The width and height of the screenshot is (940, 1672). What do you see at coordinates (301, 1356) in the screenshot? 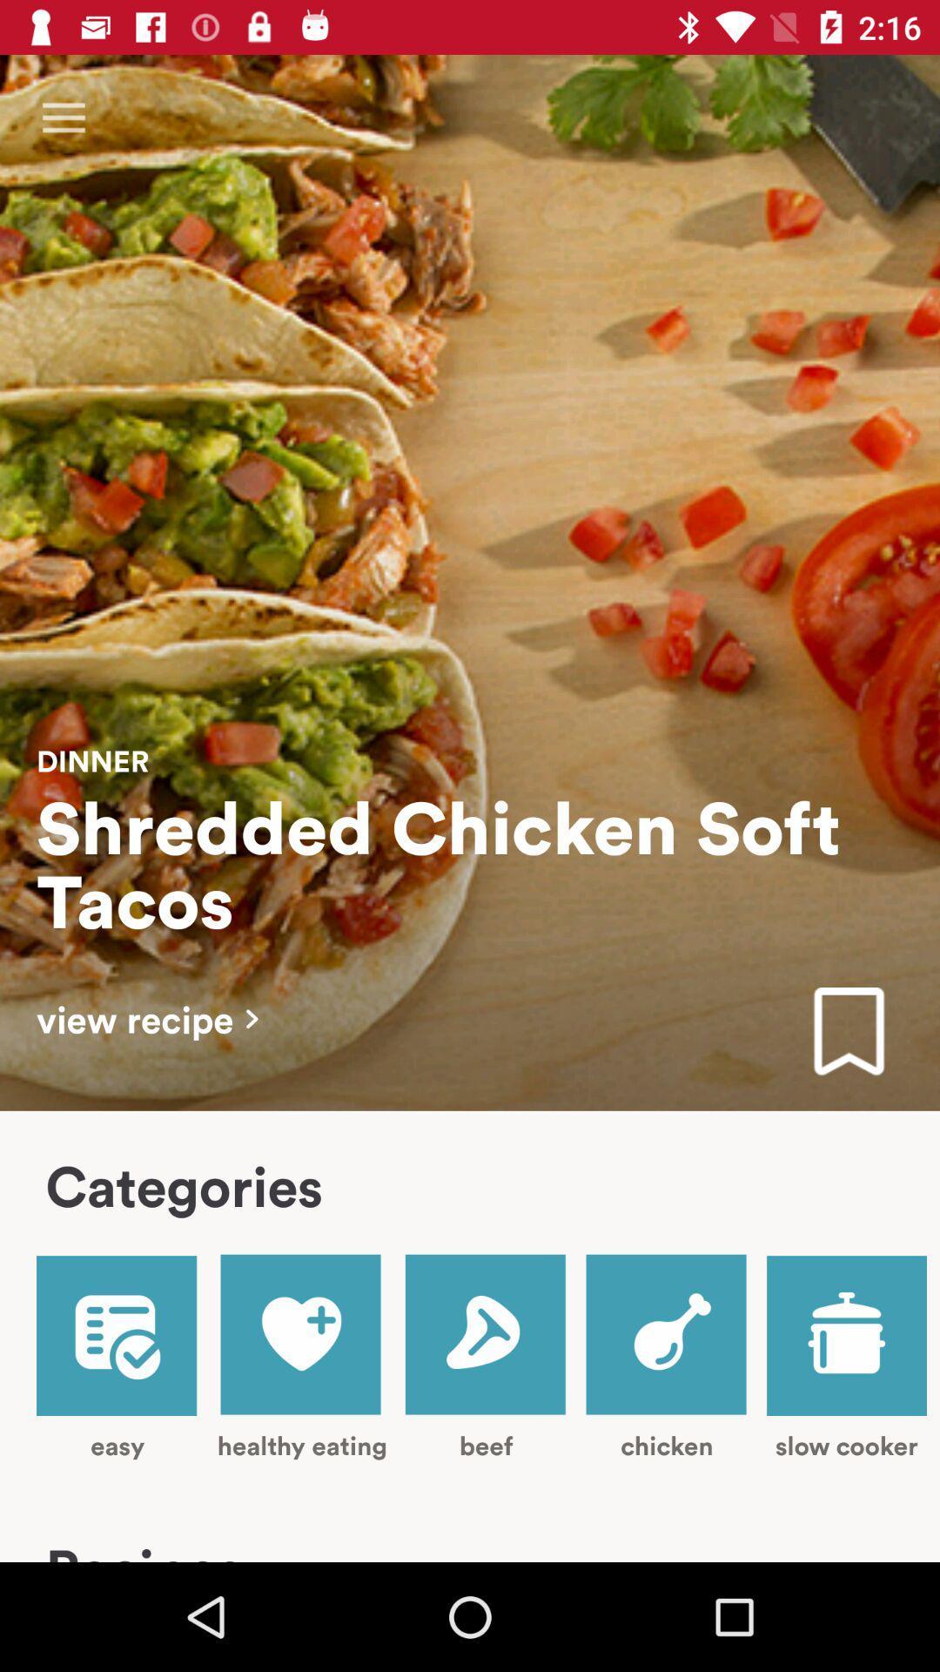
I see `item next to easy item` at bounding box center [301, 1356].